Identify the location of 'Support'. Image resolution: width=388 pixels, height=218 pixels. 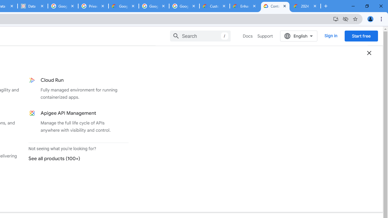
(265, 36).